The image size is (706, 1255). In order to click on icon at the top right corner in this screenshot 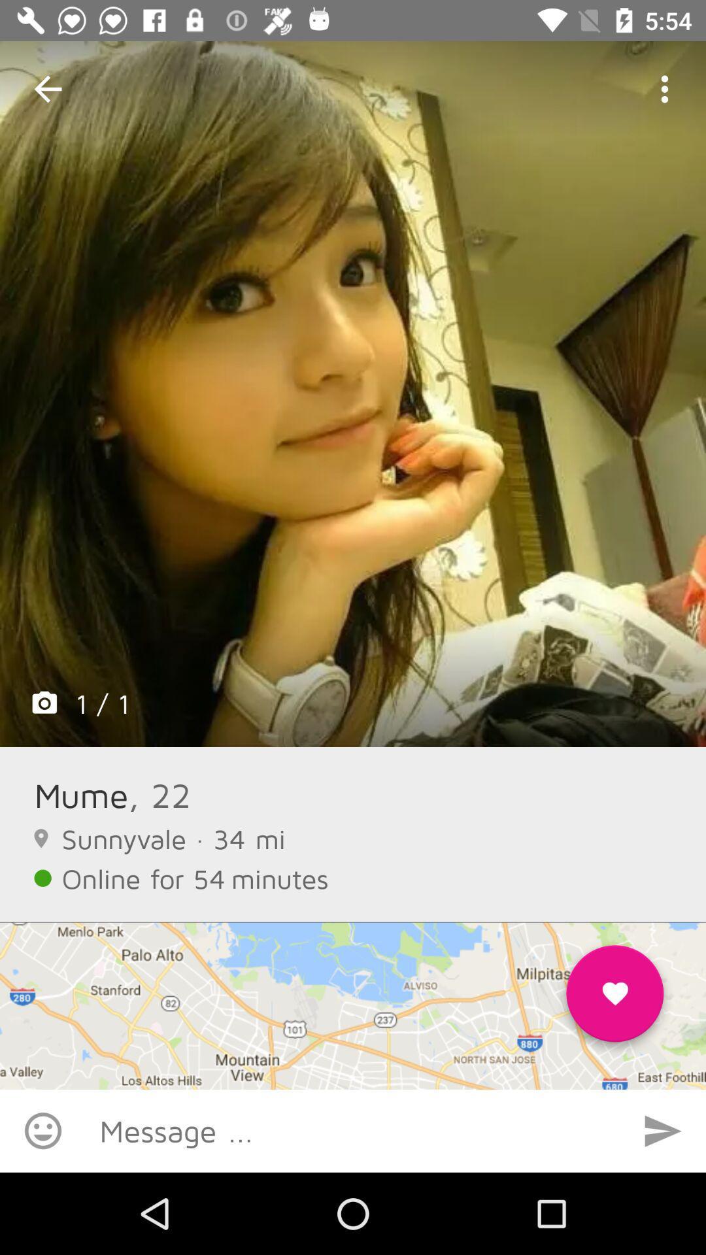, I will do `click(665, 88)`.